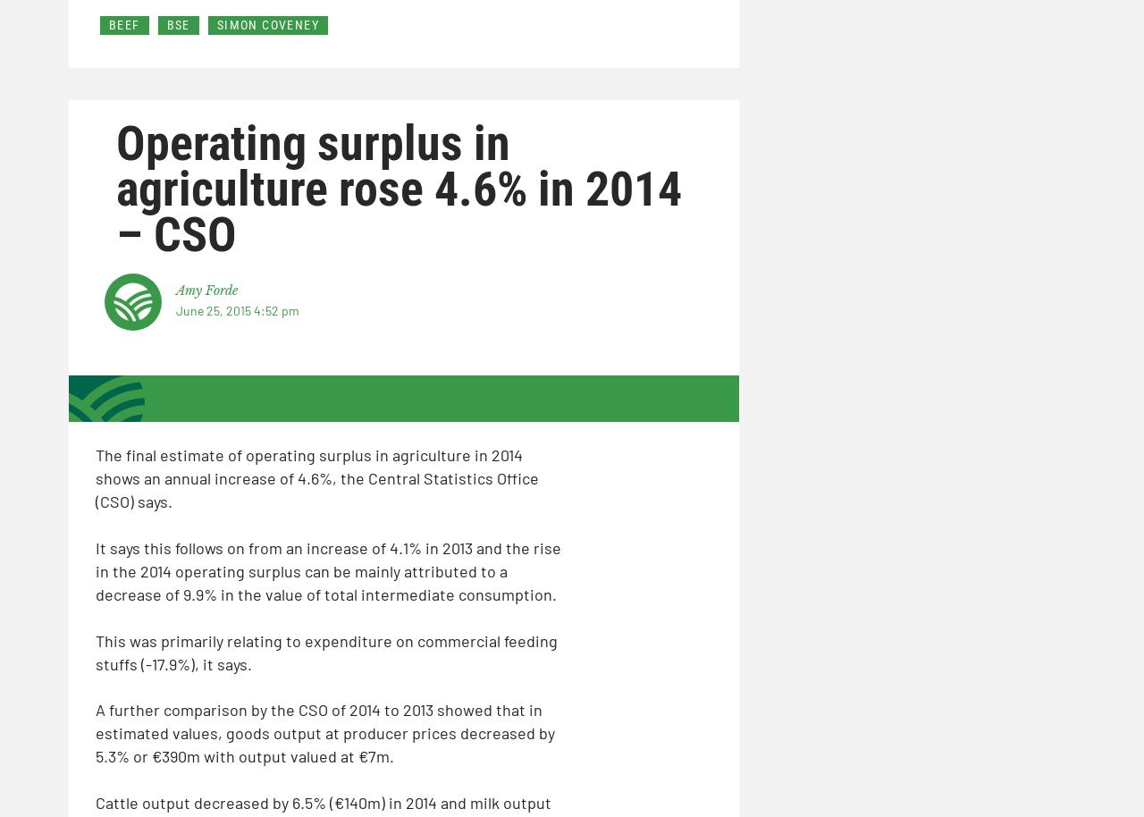  What do you see at coordinates (316, 476) in the screenshot?
I see `'The final estimate of operating surplus in agriculture in 2014 shows an annual increase of 4.6%, the Central Statistics Office (CSO) says.'` at bounding box center [316, 476].